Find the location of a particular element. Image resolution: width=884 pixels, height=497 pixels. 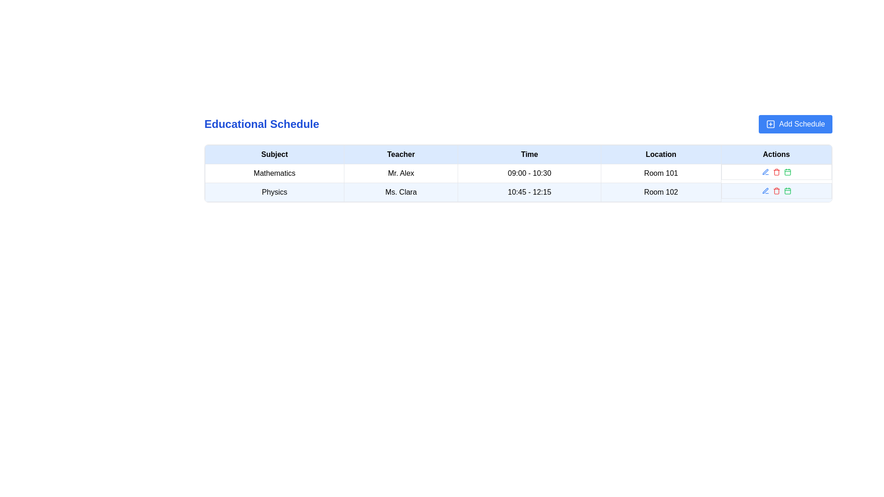

the static text label indicating the 'Physics' class in the 'Location' column of the second row of the table is located at coordinates (660, 191).